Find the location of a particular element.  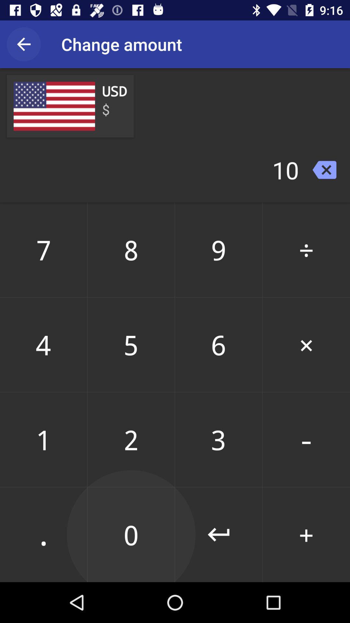

the number next to 8 is located at coordinates (218, 249).